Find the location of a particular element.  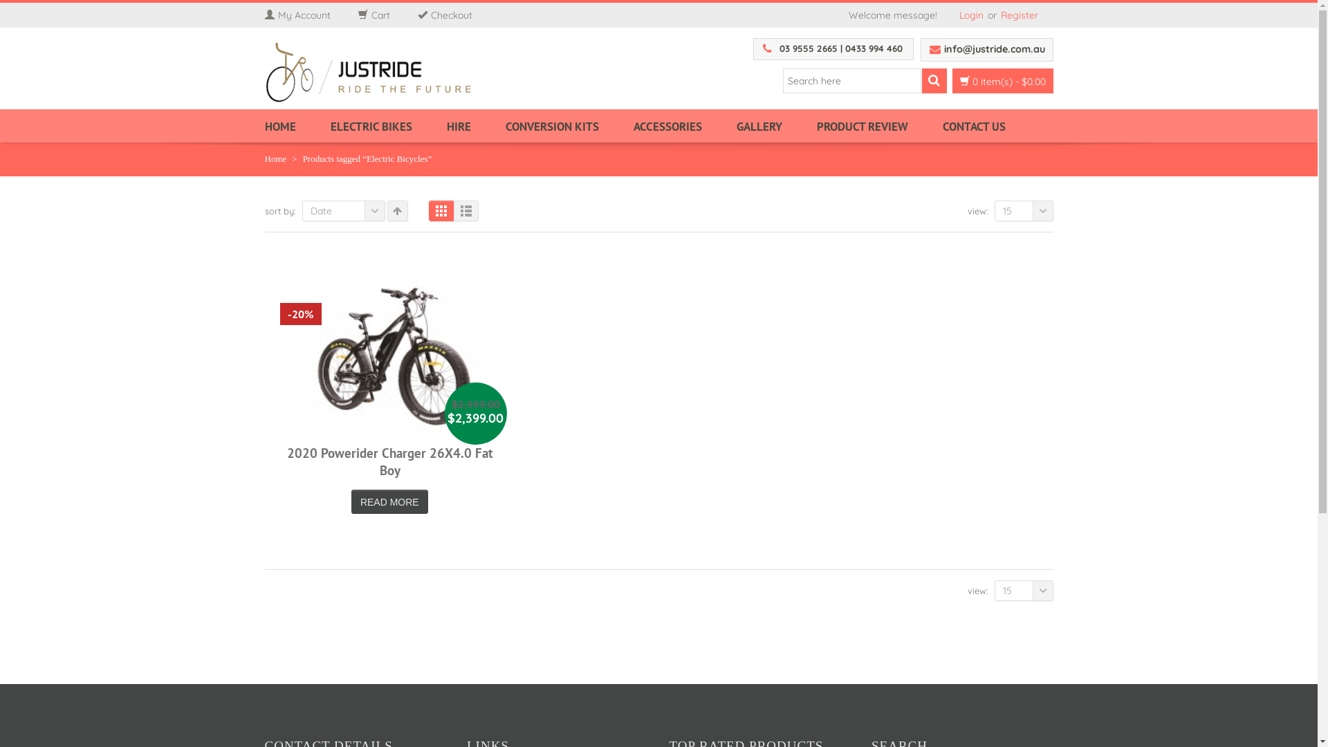

'Grid View' is located at coordinates (441, 210).